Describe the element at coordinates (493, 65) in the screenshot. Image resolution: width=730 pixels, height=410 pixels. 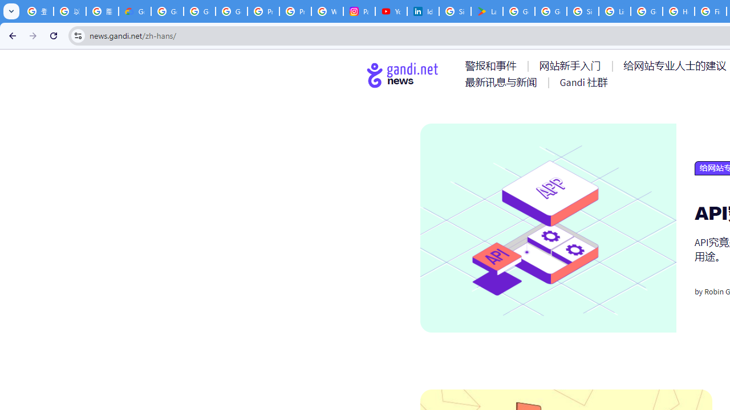
I see `'AutomationID: menu-item-77761'` at that location.